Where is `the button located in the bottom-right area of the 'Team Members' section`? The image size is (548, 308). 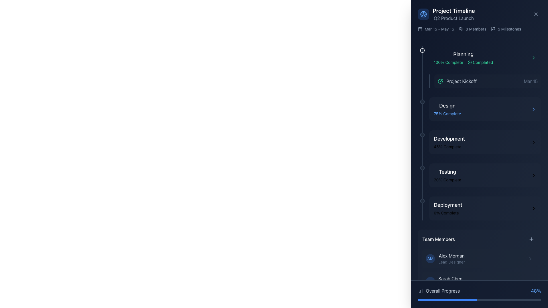
the button located in the bottom-right area of the 'Team Members' section is located at coordinates (531, 239).